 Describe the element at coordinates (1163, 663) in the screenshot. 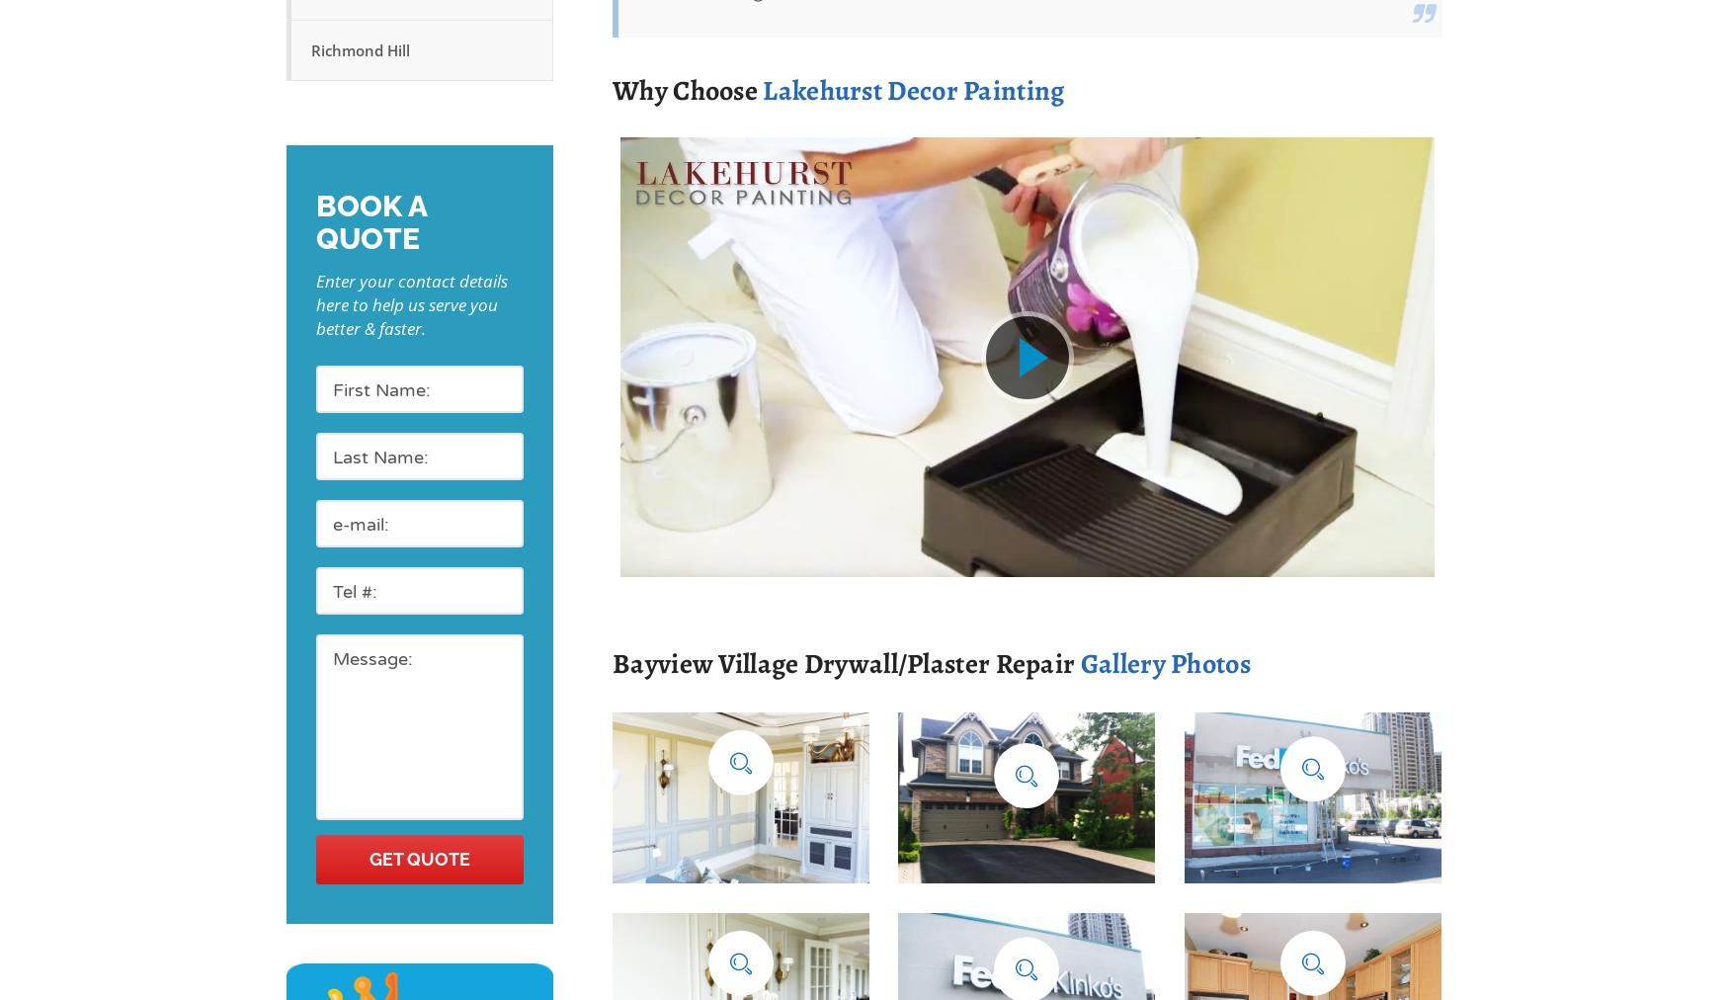

I see `'Gallery Photos'` at that location.